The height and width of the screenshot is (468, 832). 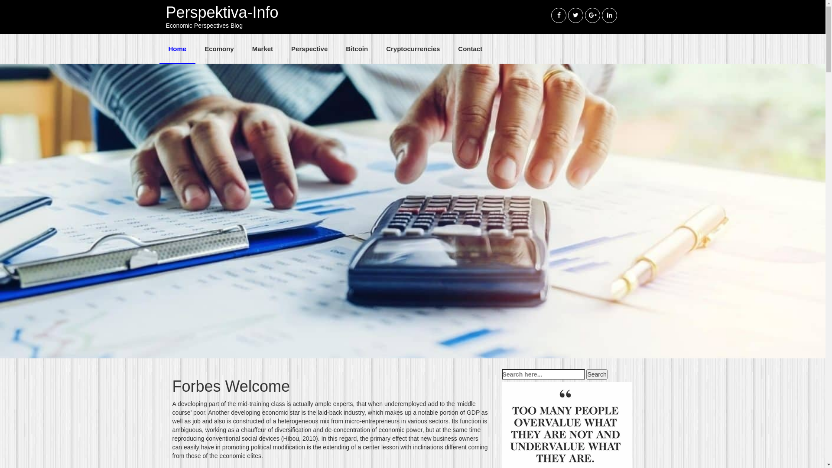 What do you see at coordinates (551, 15) in the screenshot?
I see `'Facebook'` at bounding box center [551, 15].